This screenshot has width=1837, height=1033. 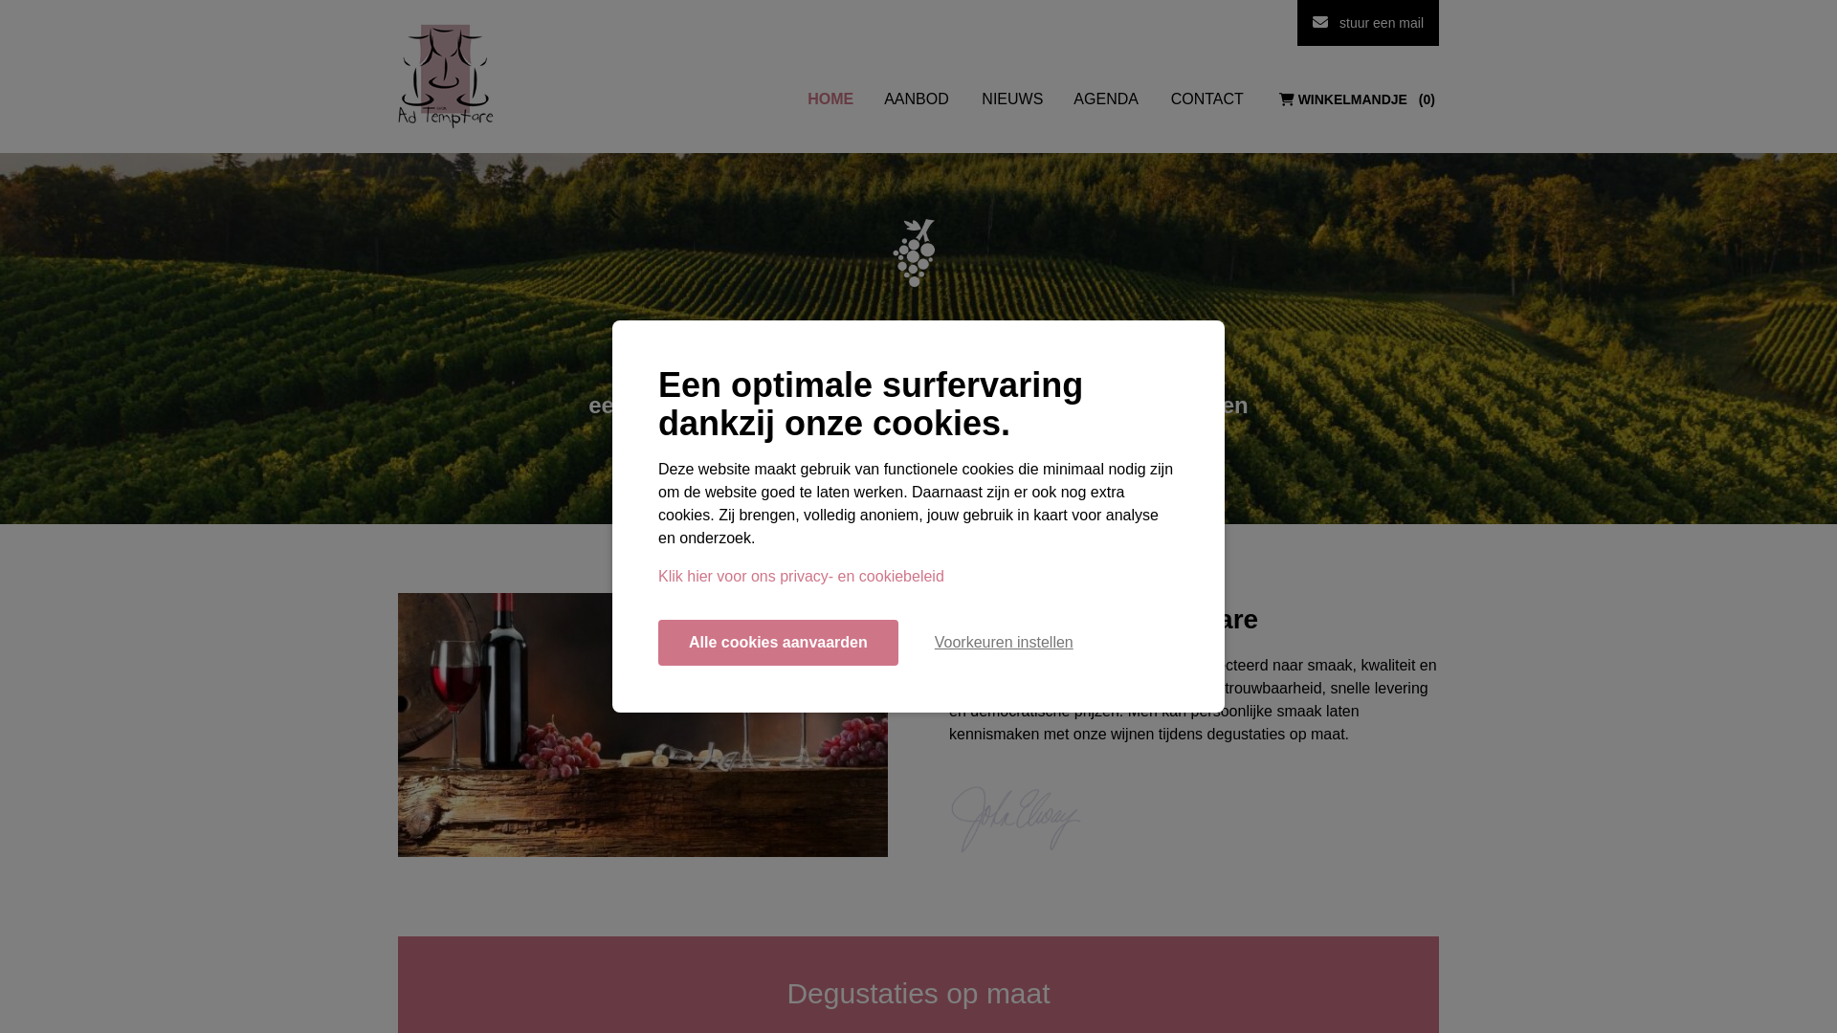 What do you see at coordinates (801, 575) in the screenshot?
I see `'Klik hier voor ons privacy- en cookiebeleid'` at bounding box center [801, 575].